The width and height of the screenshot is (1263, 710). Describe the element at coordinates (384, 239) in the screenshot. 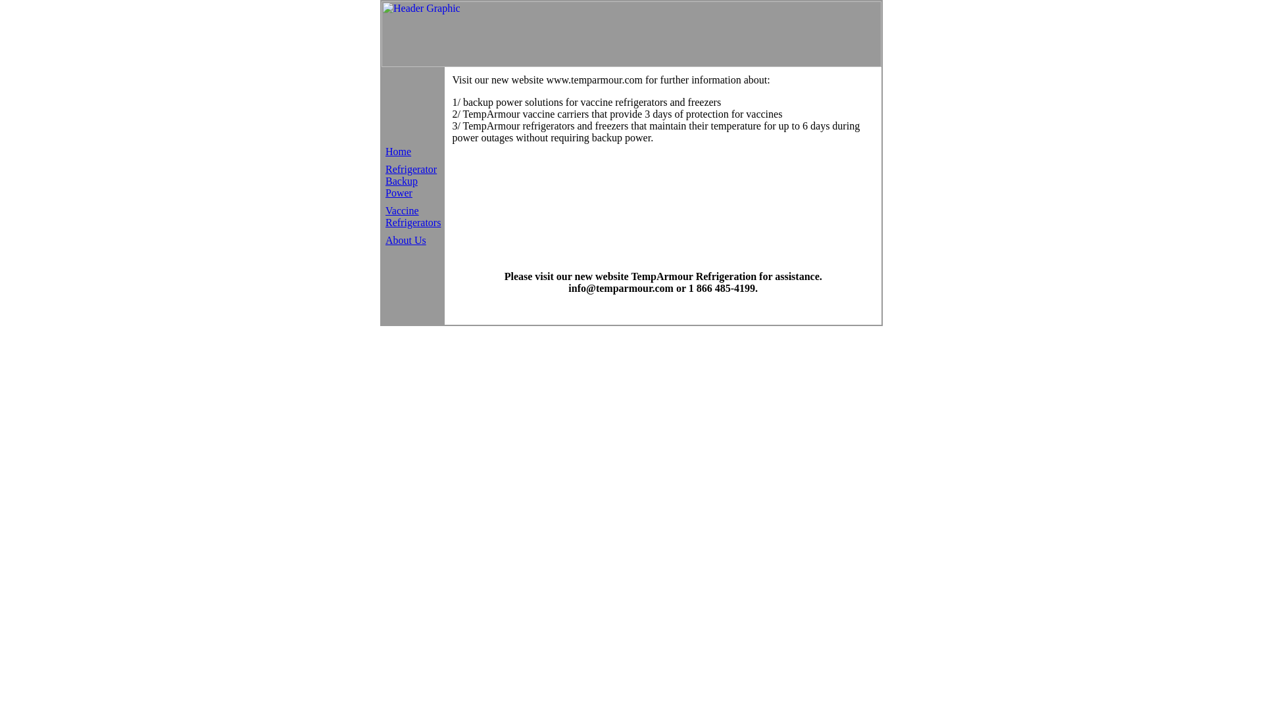

I see `'About Us'` at that location.